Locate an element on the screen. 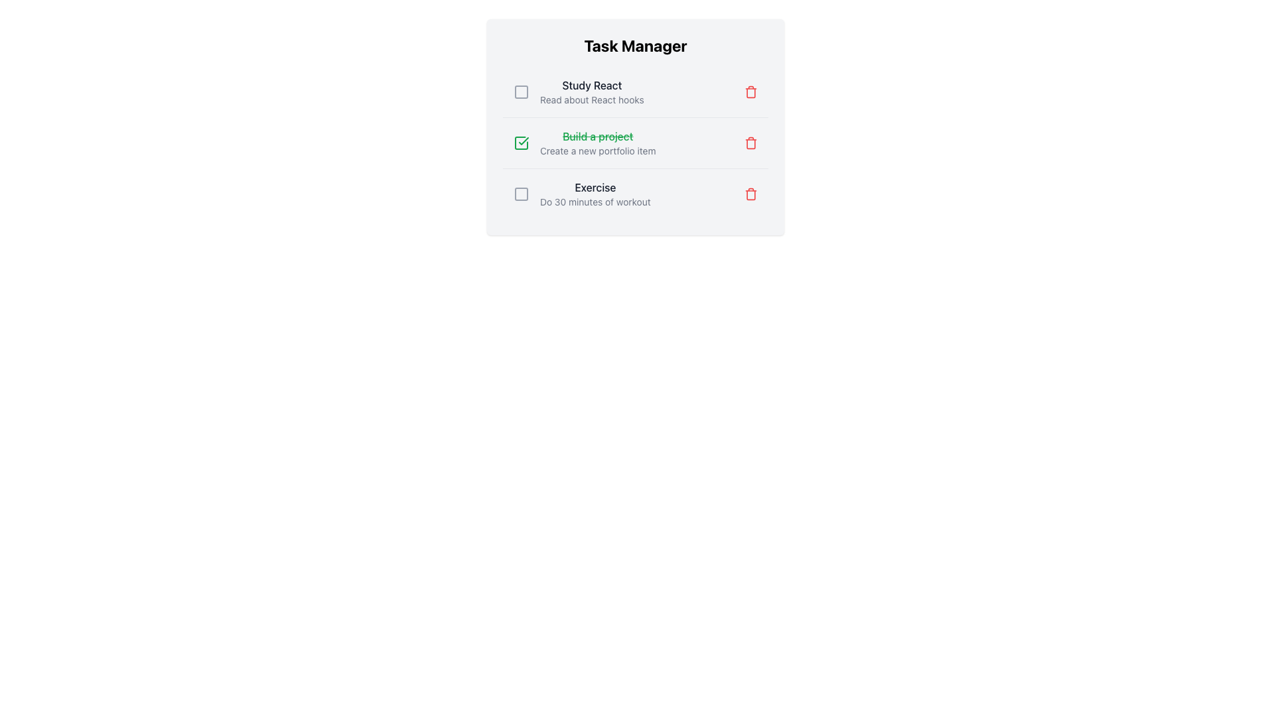 This screenshot has width=1274, height=716. the second task entry in the 'Task Manager' list is located at coordinates (635, 143).